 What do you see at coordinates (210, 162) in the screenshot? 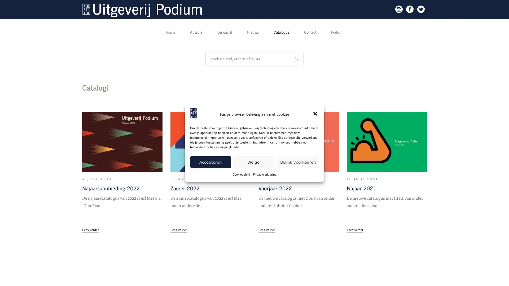
I see `Accepteren` at bounding box center [210, 162].